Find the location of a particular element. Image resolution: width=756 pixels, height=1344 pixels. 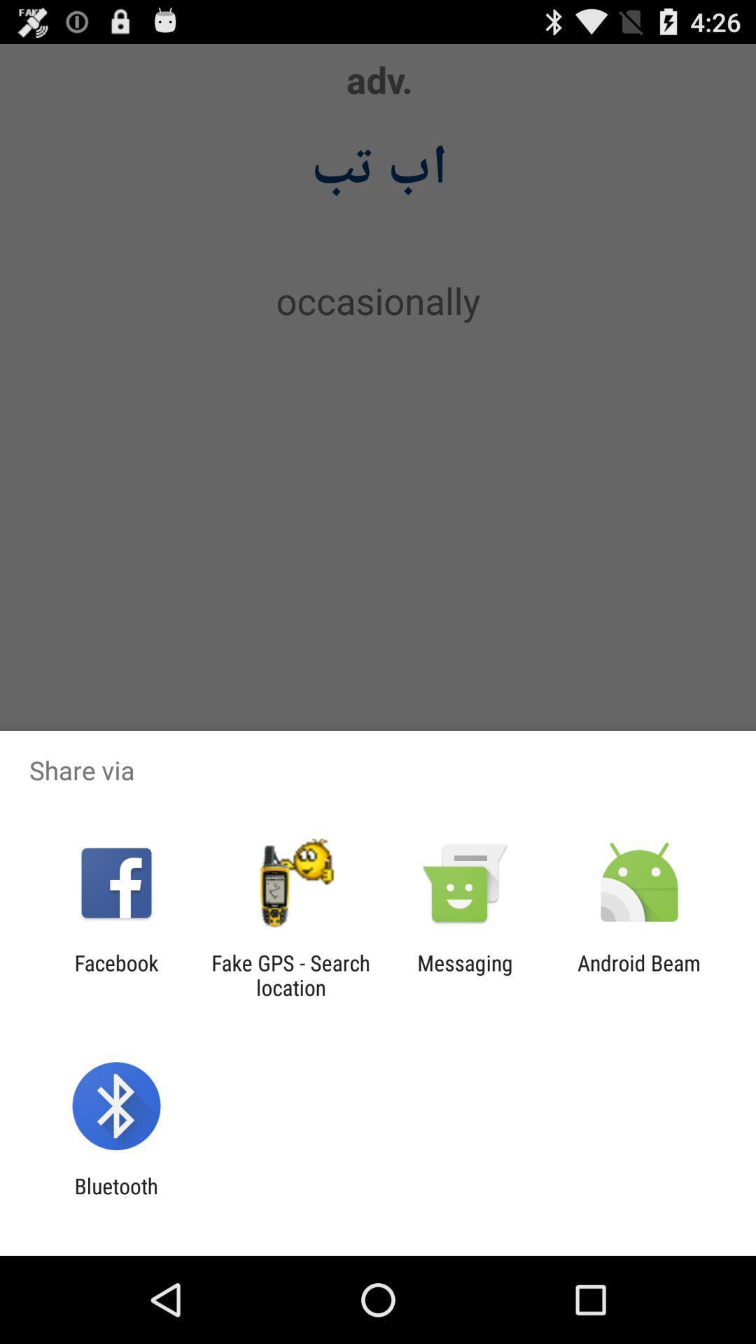

the facebook is located at coordinates (115, 974).